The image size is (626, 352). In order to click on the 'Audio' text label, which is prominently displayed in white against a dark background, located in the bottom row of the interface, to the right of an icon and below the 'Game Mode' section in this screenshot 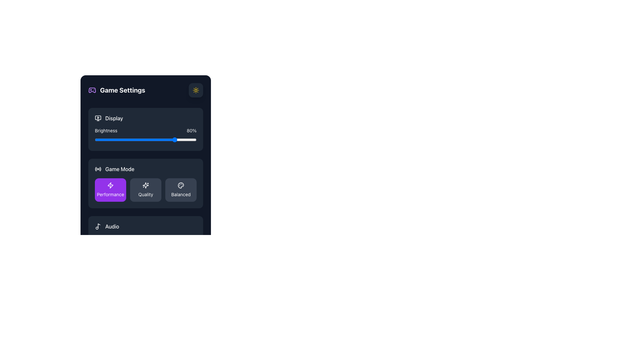, I will do `click(112, 226)`.